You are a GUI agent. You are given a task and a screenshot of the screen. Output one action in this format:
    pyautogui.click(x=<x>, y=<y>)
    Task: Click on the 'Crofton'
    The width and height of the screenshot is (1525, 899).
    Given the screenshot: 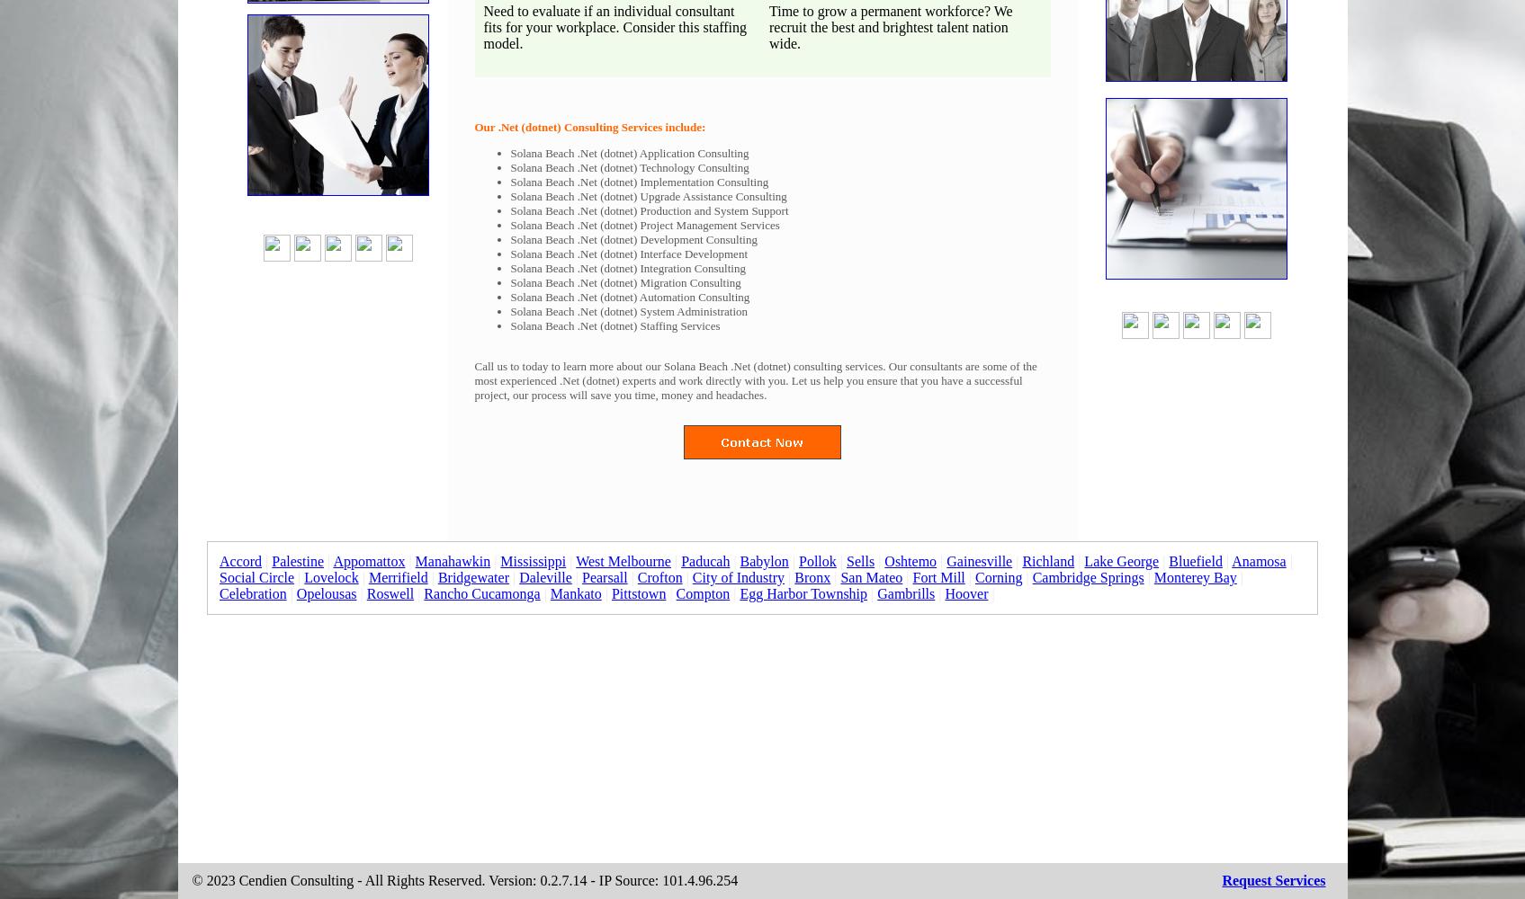 What is the action you would take?
    pyautogui.click(x=658, y=577)
    